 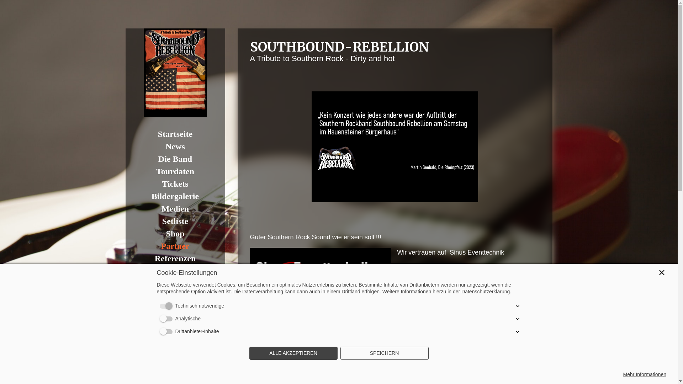 What do you see at coordinates (175, 183) in the screenshot?
I see `'Tickets'` at bounding box center [175, 183].